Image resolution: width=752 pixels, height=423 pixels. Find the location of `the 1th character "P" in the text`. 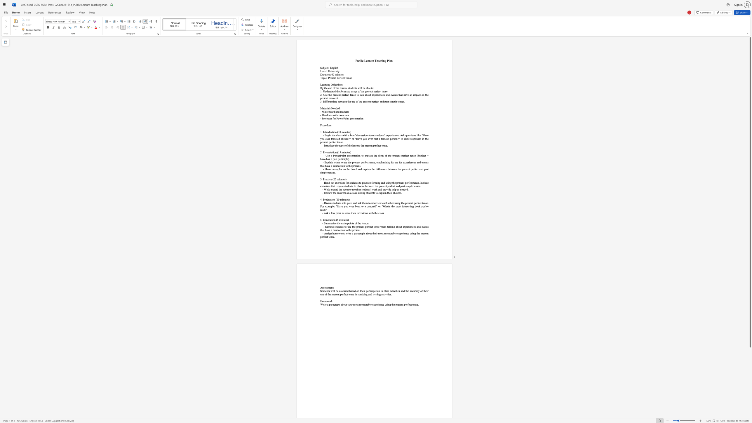

the 1th character "P" in the text is located at coordinates (323, 179).